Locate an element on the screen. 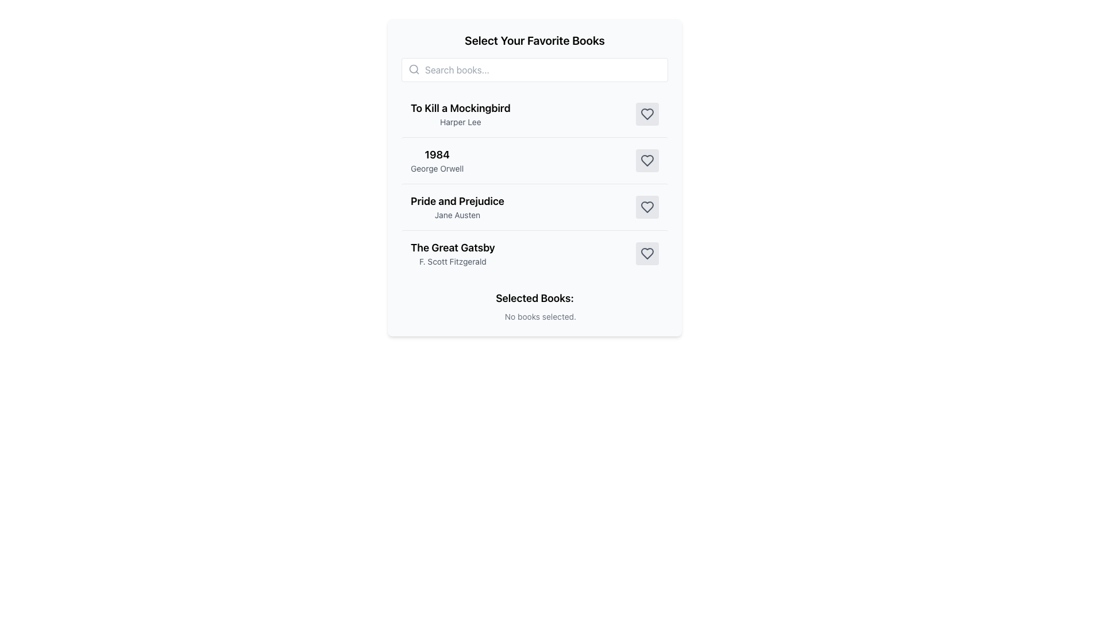 The height and width of the screenshot is (620, 1103). the magnifying glass icon representing the search functionality, located at the top left of the search bar interface is located at coordinates (414, 69).